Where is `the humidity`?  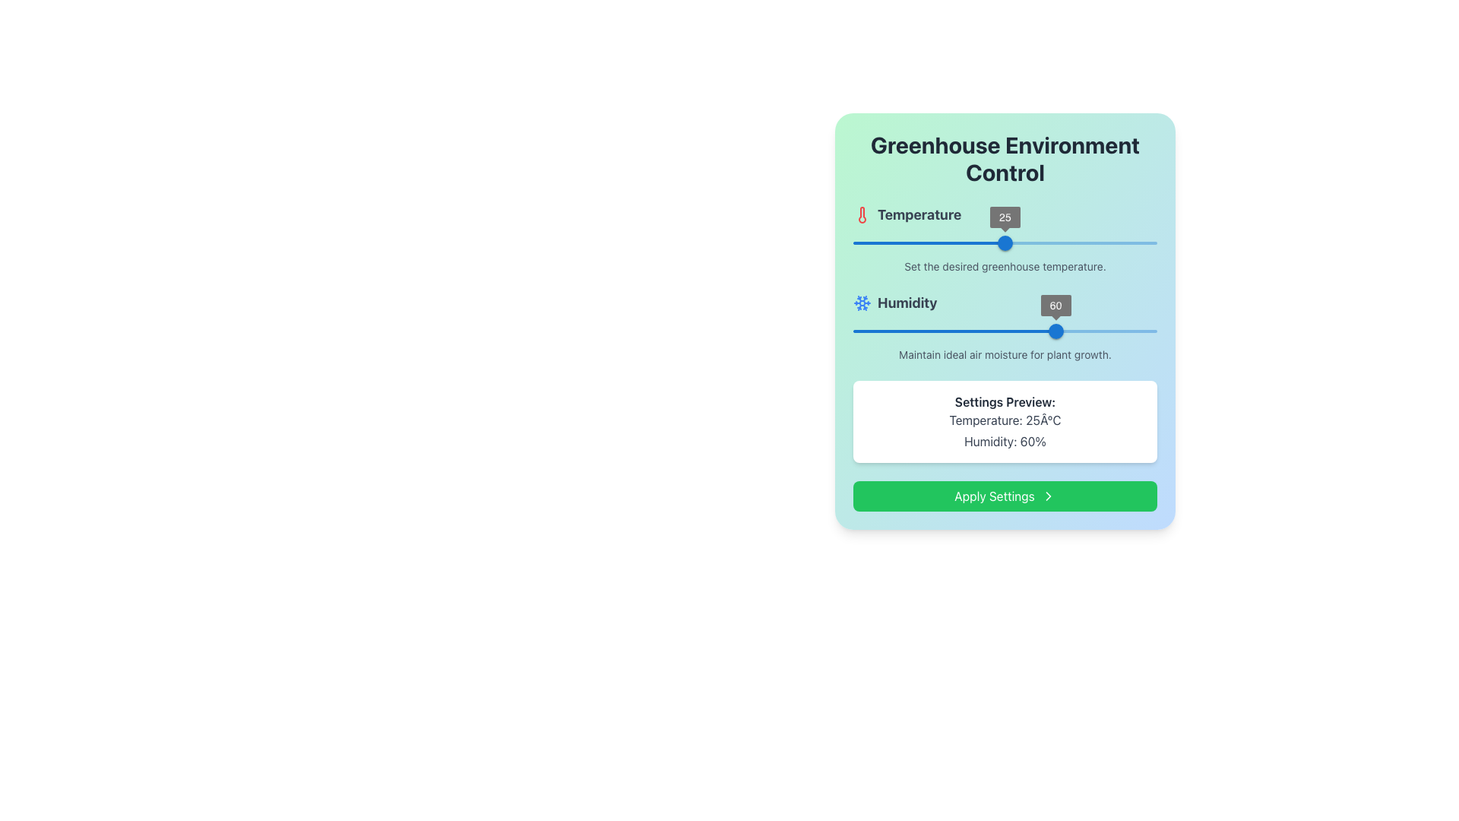 the humidity is located at coordinates (1049, 330).